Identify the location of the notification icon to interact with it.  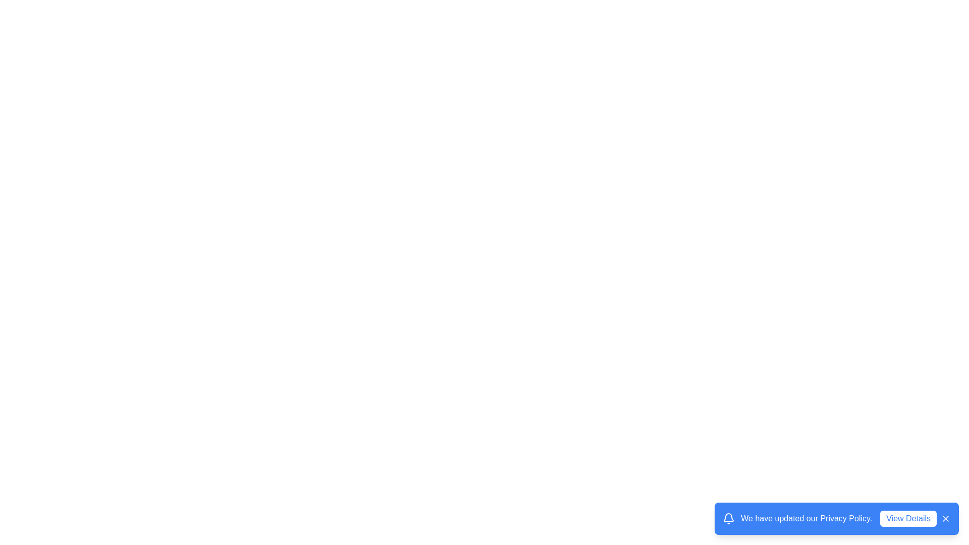
(729, 519).